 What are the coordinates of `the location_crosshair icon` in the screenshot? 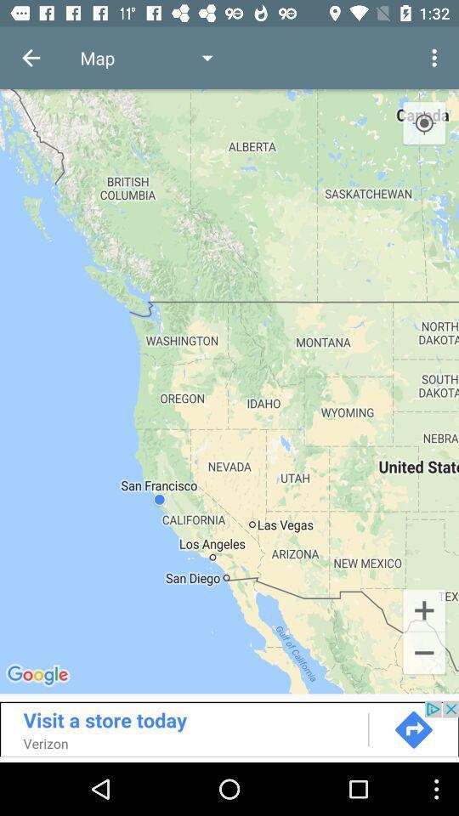 It's located at (423, 122).